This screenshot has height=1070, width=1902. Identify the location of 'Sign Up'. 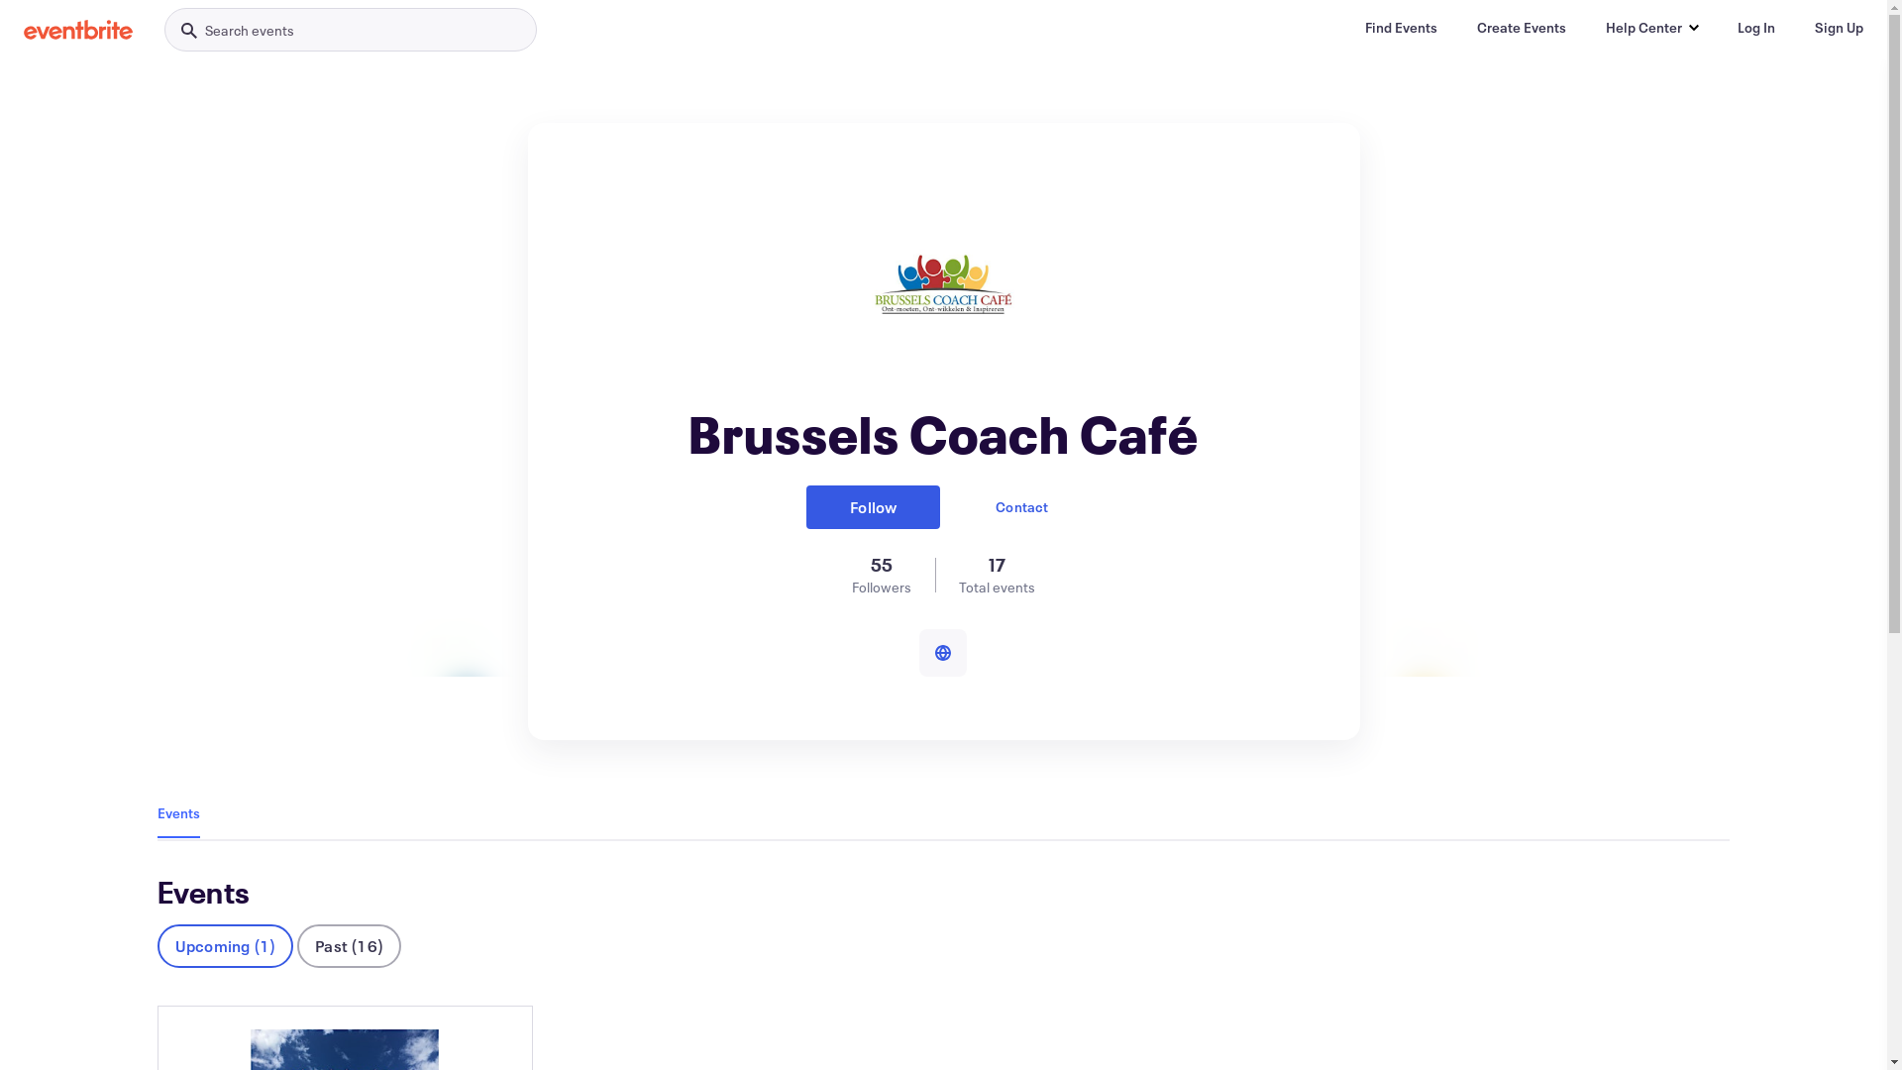
(1838, 27).